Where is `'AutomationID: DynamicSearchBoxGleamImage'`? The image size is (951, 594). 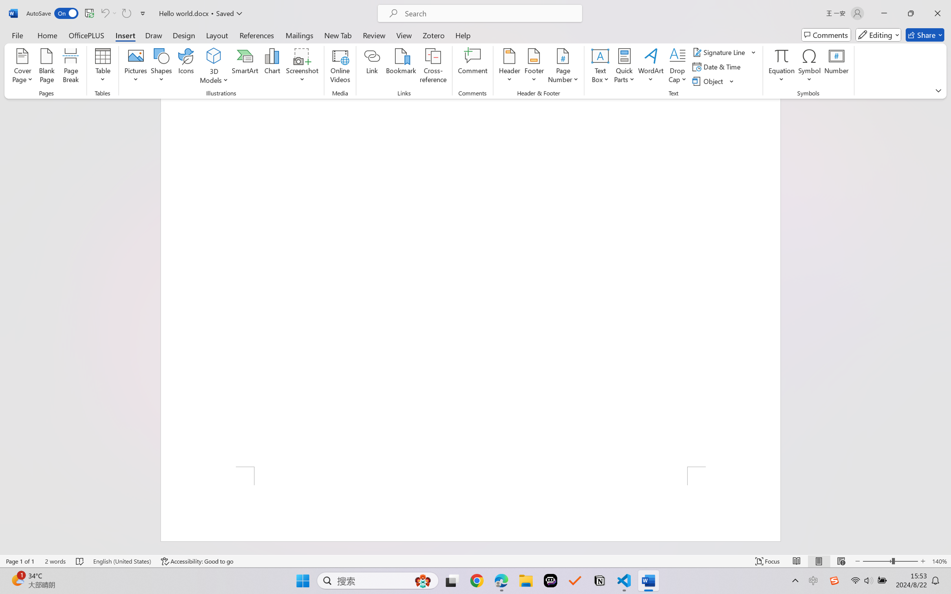 'AutomationID: DynamicSearchBoxGleamImage' is located at coordinates (423, 581).